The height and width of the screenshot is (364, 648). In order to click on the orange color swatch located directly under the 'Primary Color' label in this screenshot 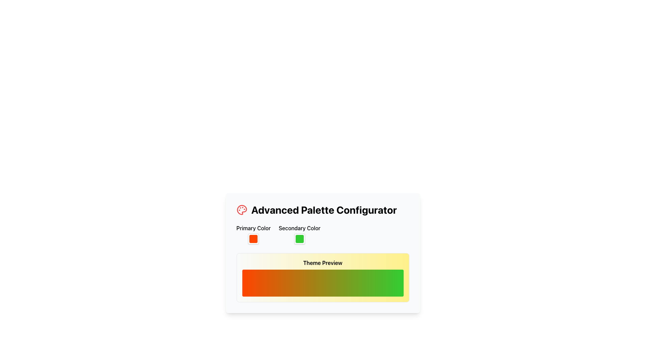, I will do `click(253, 234)`.